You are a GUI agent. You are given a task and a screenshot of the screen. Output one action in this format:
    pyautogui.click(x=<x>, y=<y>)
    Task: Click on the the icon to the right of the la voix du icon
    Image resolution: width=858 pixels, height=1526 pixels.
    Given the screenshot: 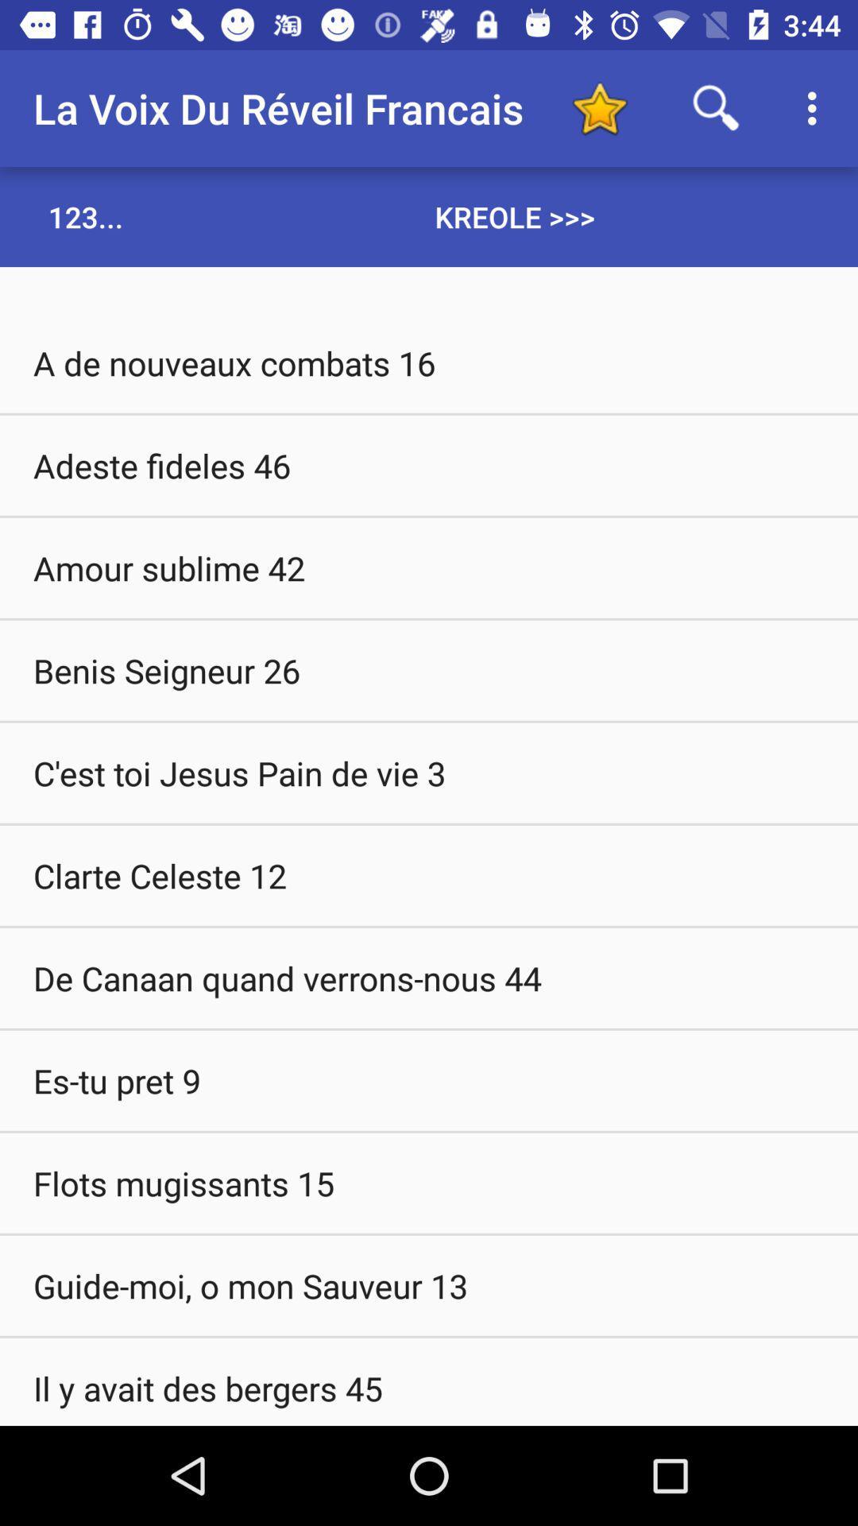 What is the action you would take?
    pyautogui.click(x=599, y=107)
    